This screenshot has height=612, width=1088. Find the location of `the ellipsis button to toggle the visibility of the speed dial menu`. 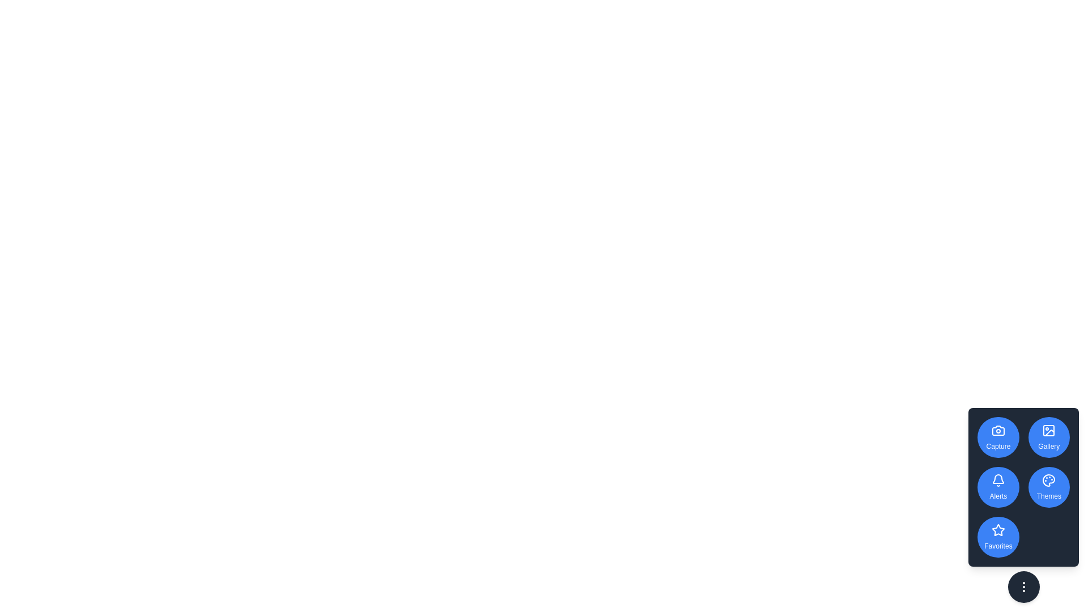

the ellipsis button to toggle the visibility of the speed dial menu is located at coordinates (1023, 586).